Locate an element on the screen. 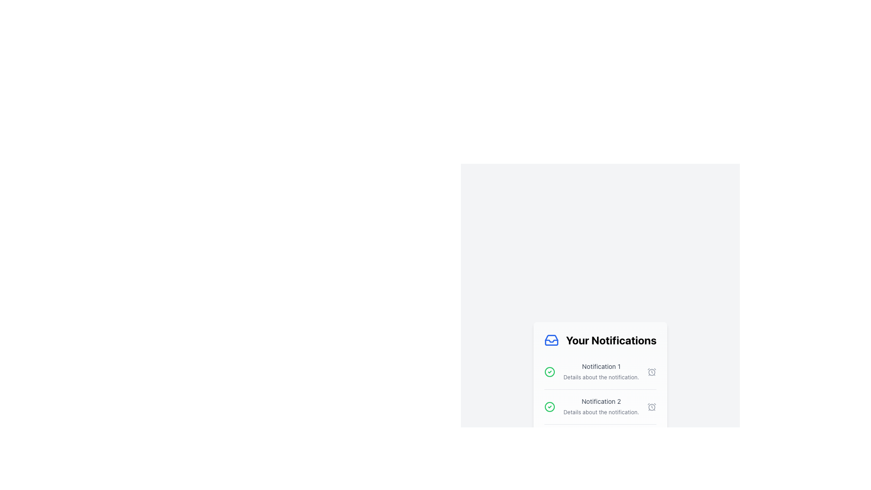 This screenshot has width=871, height=490. the SVG Circle that is part of the first notification's icon in the 'Your Notifications' section, positioned to the left of 'Notification 1' is located at coordinates (549, 407).